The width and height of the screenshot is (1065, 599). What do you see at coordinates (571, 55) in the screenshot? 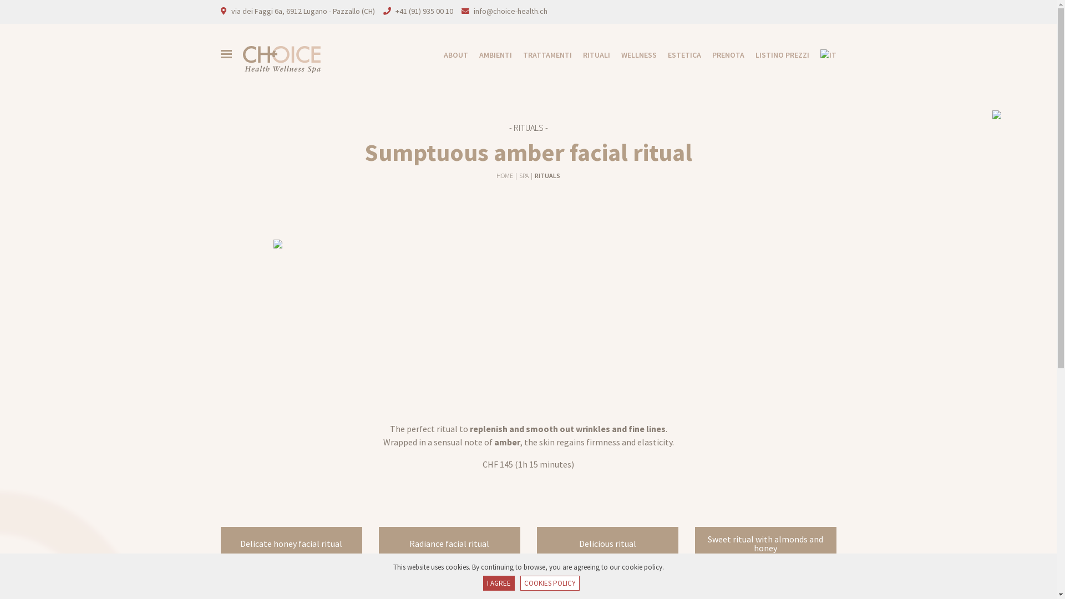
I see `'RITUALI'` at bounding box center [571, 55].